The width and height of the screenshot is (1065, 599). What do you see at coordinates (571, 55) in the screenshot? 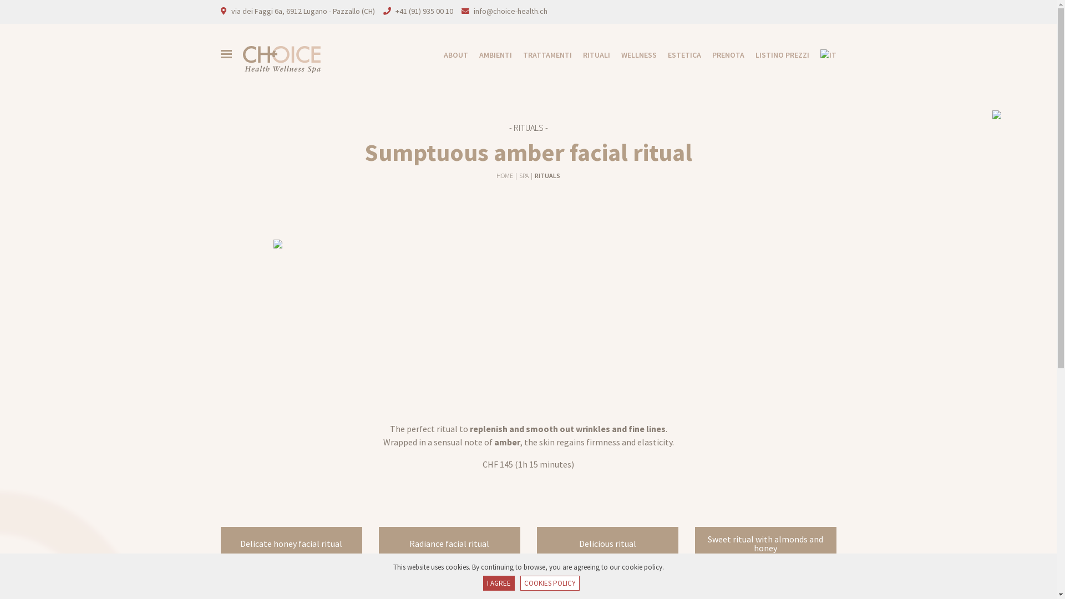
I see `'RITUALI'` at bounding box center [571, 55].